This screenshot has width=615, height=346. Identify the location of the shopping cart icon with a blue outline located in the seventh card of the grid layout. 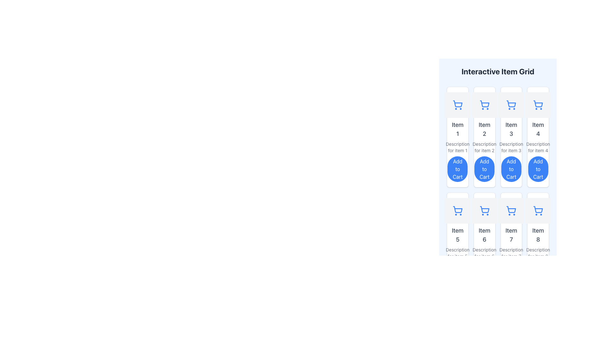
(511, 211).